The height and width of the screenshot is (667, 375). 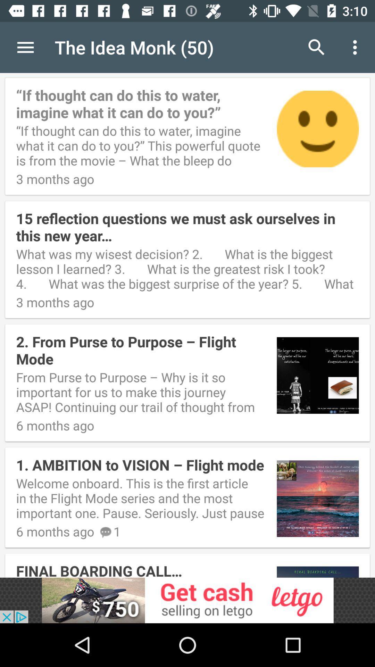 What do you see at coordinates (187, 600) in the screenshot?
I see `advertisement banner` at bounding box center [187, 600].